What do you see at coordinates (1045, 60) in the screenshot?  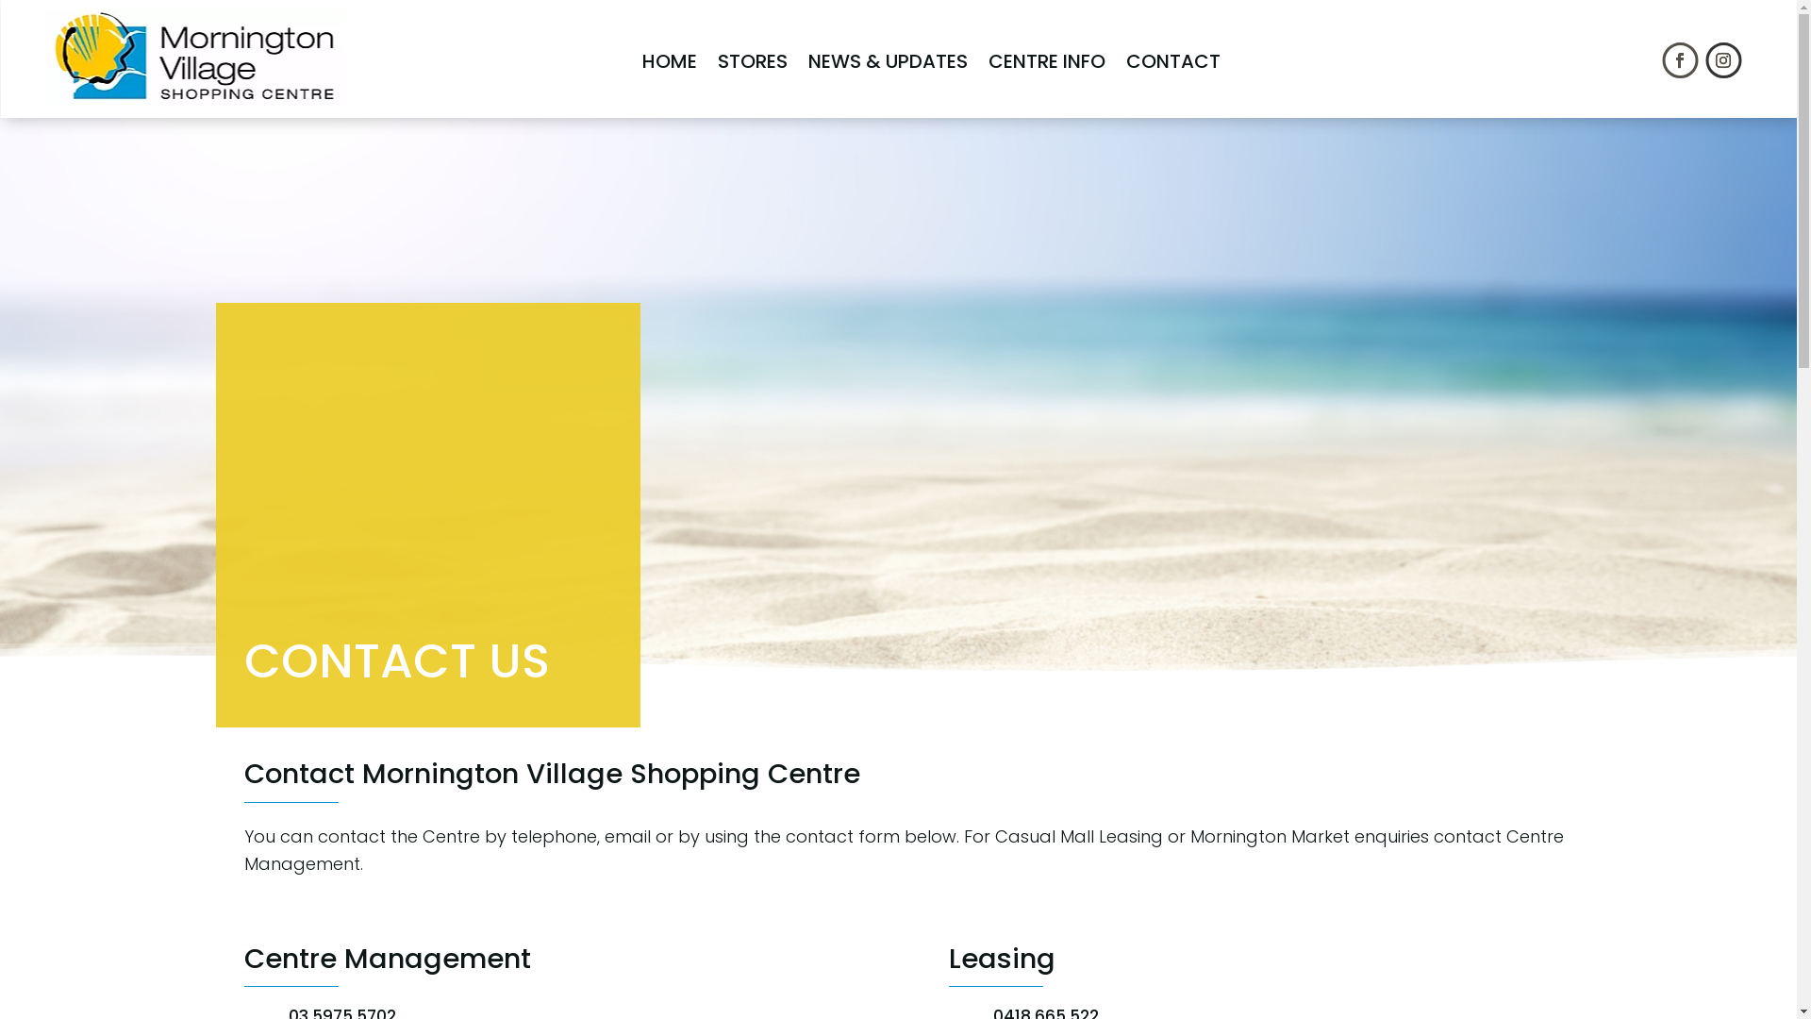 I see `'CENTRE INFO'` at bounding box center [1045, 60].